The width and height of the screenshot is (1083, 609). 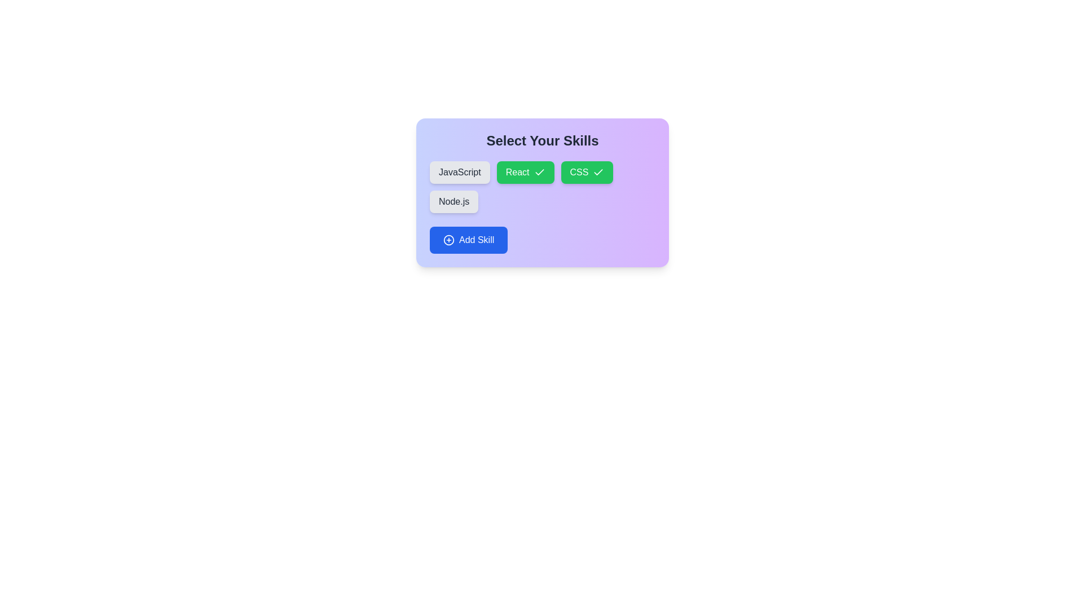 I want to click on the 'Add Skill' button to add a new skill to the list, so click(x=468, y=239).